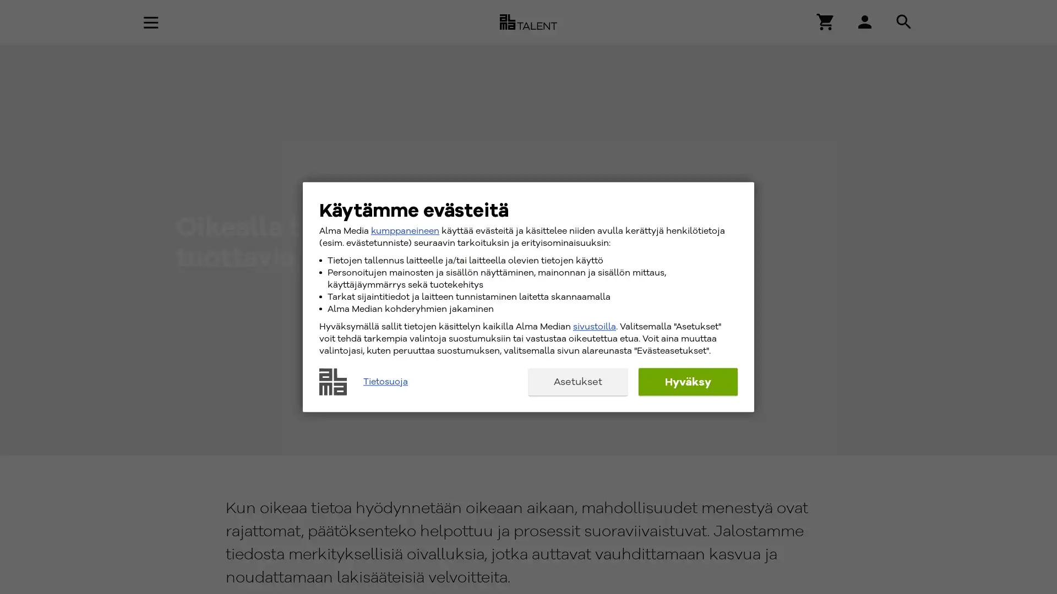 The height and width of the screenshot is (594, 1057). What do you see at coordinates (864, 21) in the screenshot?
I see `Hae` at bounding box center [864, 21].